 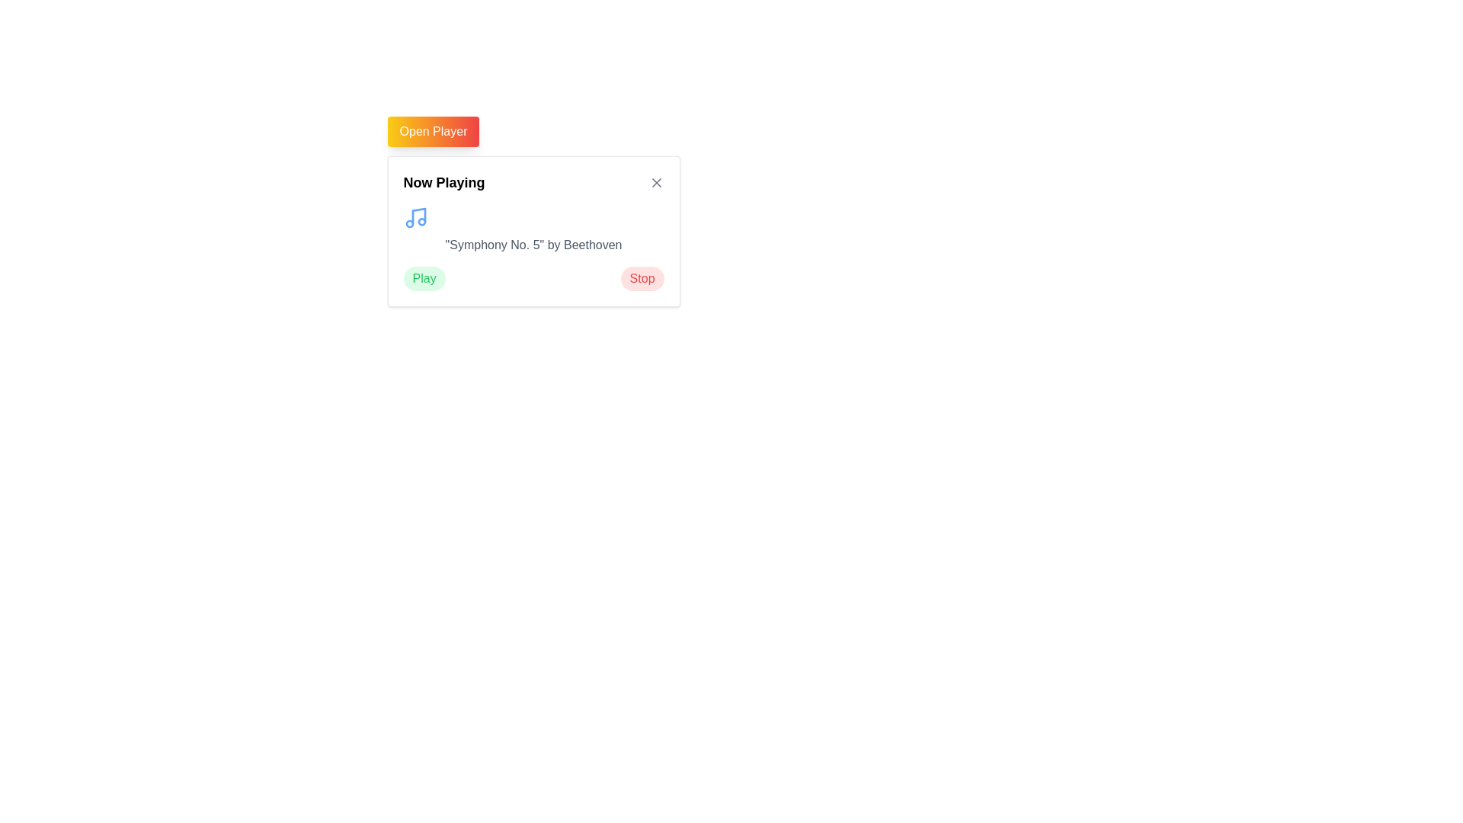 I want to click on the playback button located under the 'Now Playing' heading, so click(x=424, y=279).